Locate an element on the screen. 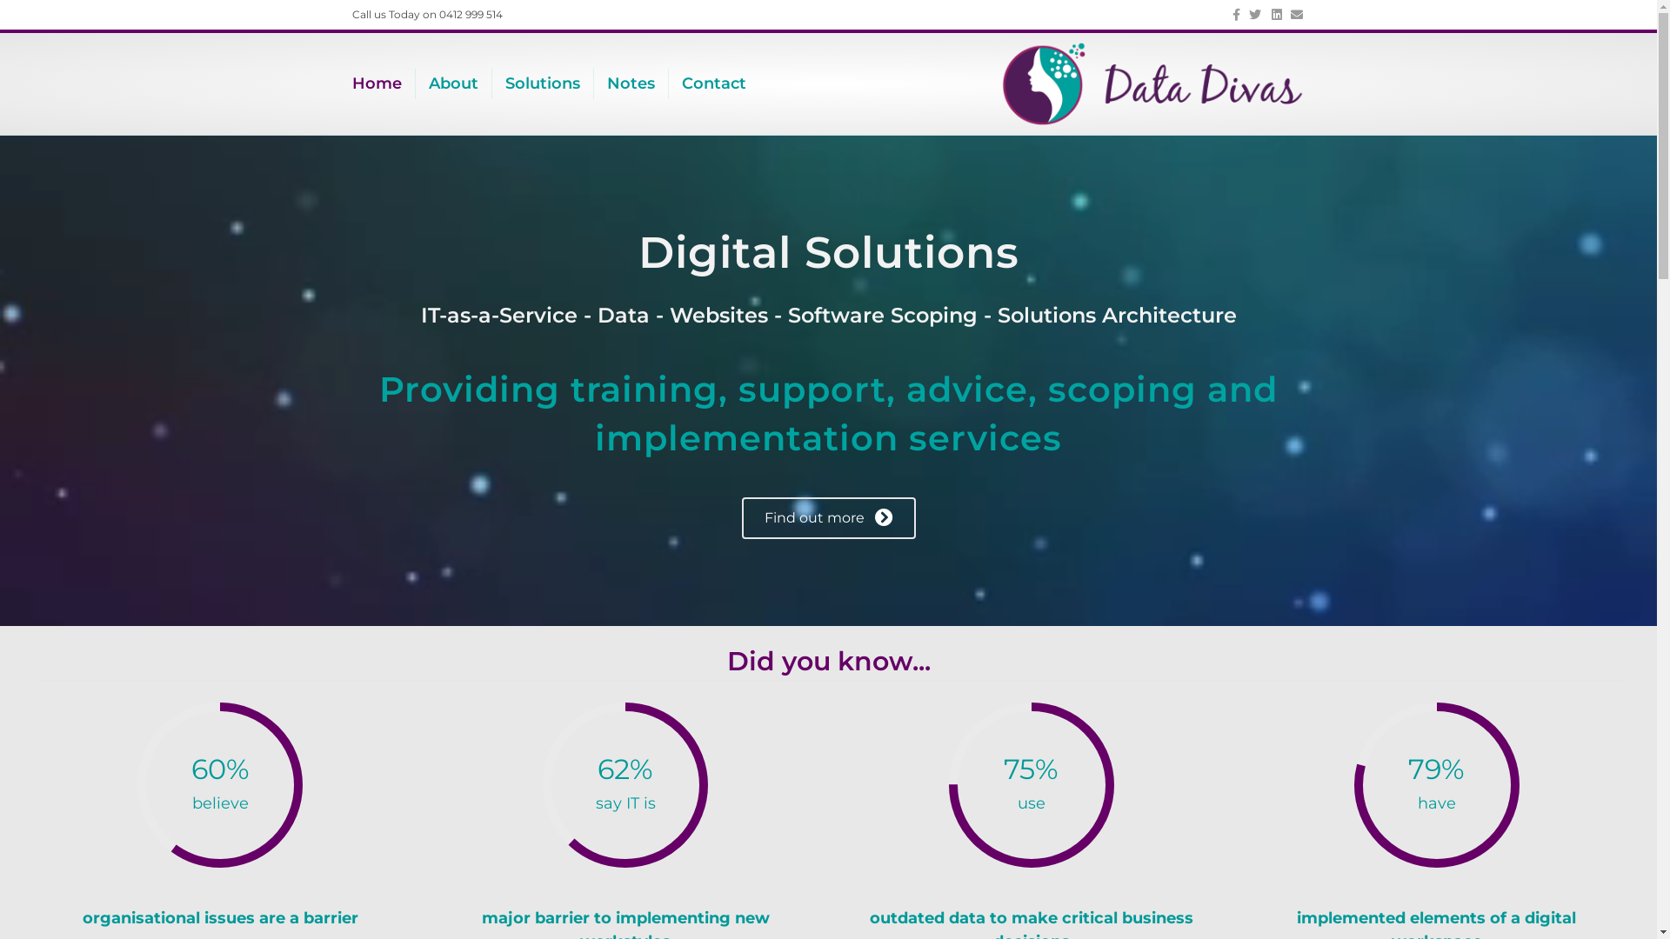 The width and height of the screenshot is (1670, 939). 'Twitter' is located at coordinates (1239, 13).